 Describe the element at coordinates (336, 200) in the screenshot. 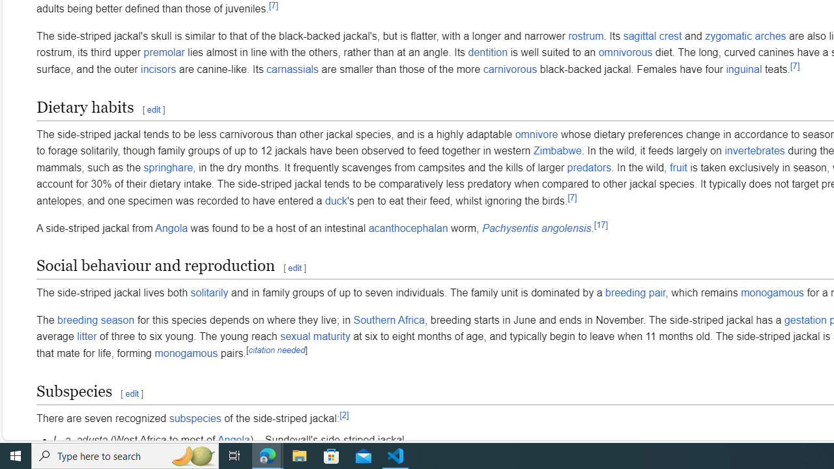

I see `'duck'` at that location.